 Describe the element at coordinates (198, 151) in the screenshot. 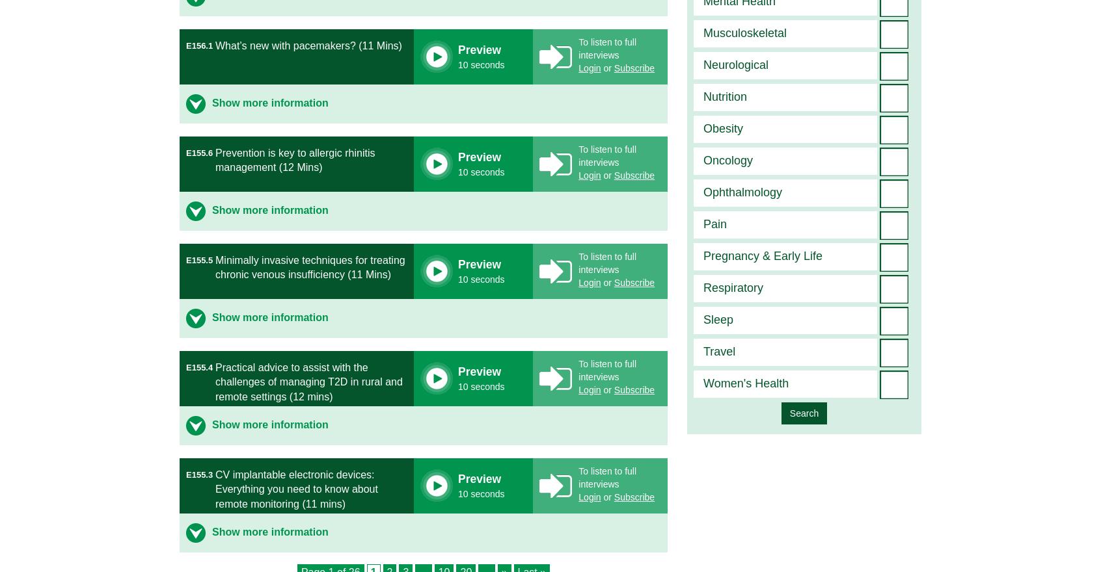

I see `'E155.6'` at that location.